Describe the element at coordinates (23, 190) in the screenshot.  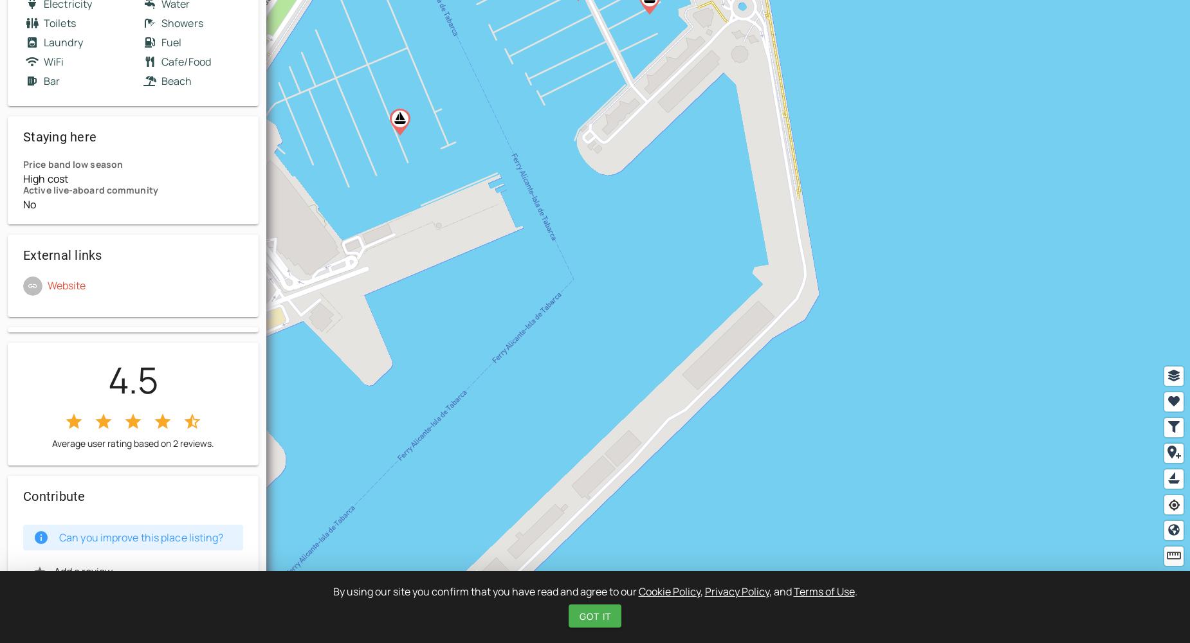
I see `'Active live-aboard community'` at that location.